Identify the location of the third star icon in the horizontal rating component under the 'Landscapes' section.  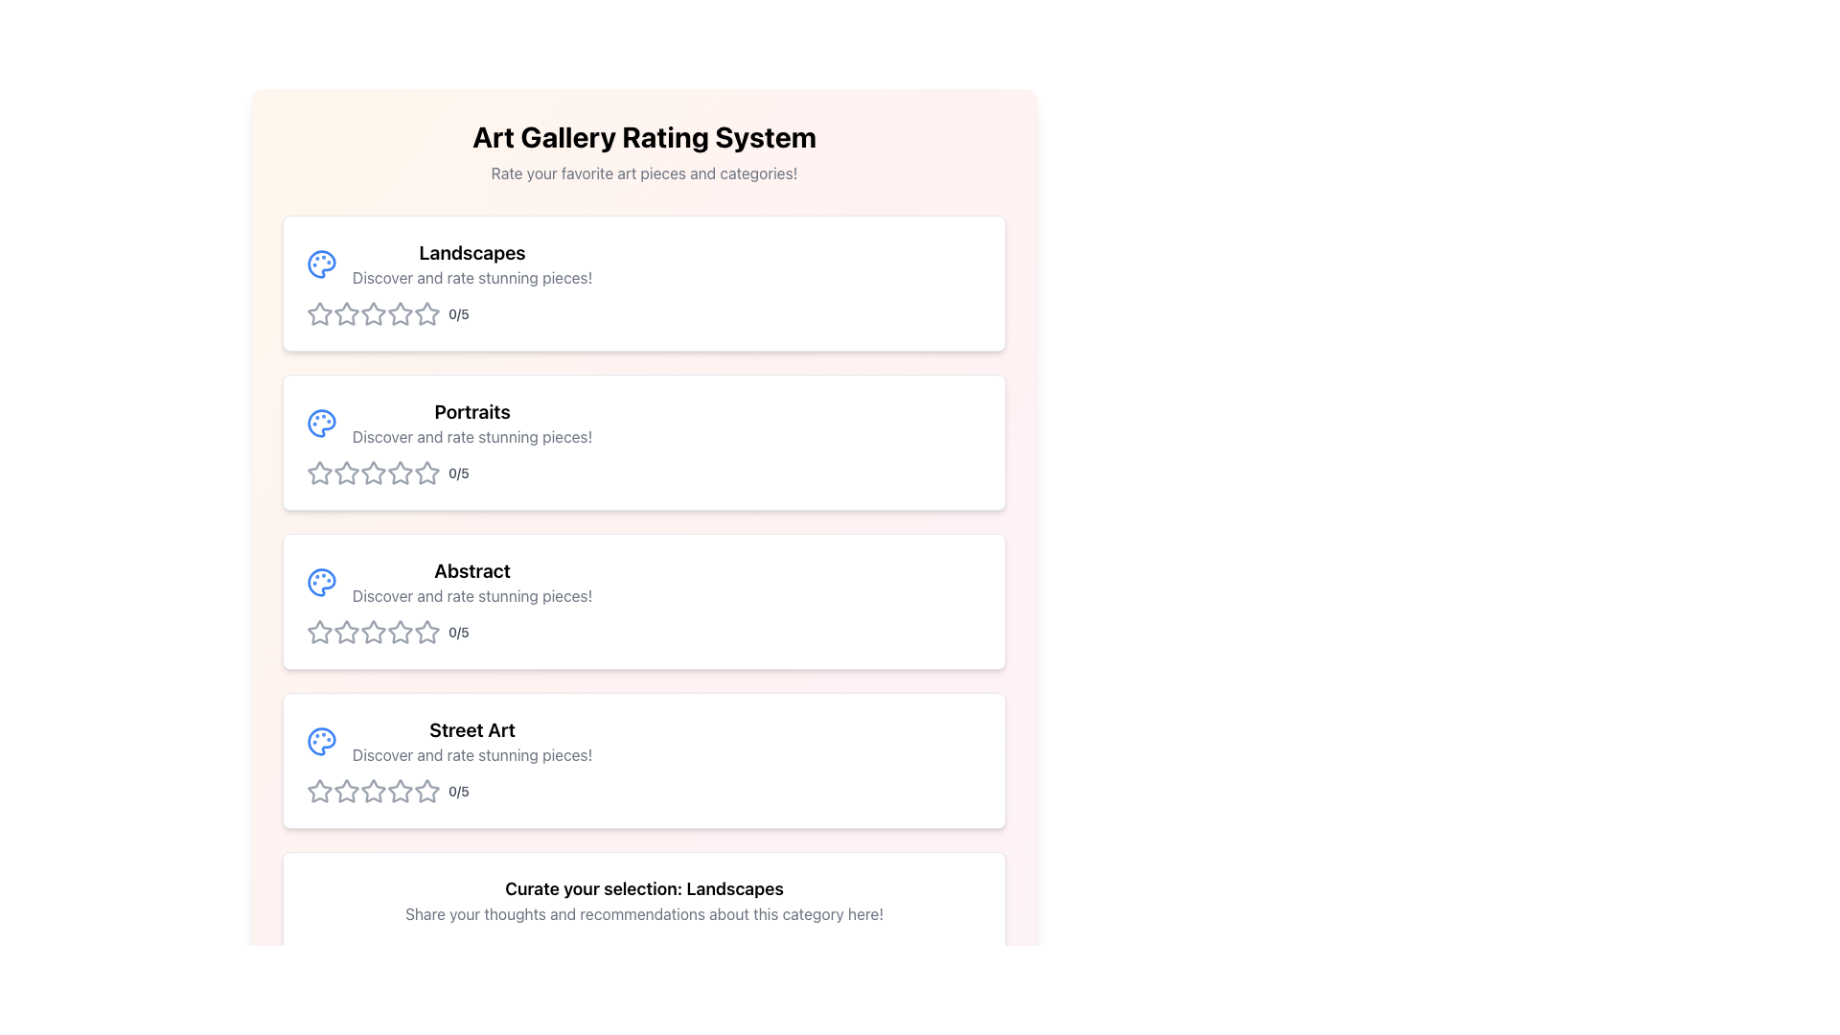
(346, 312).